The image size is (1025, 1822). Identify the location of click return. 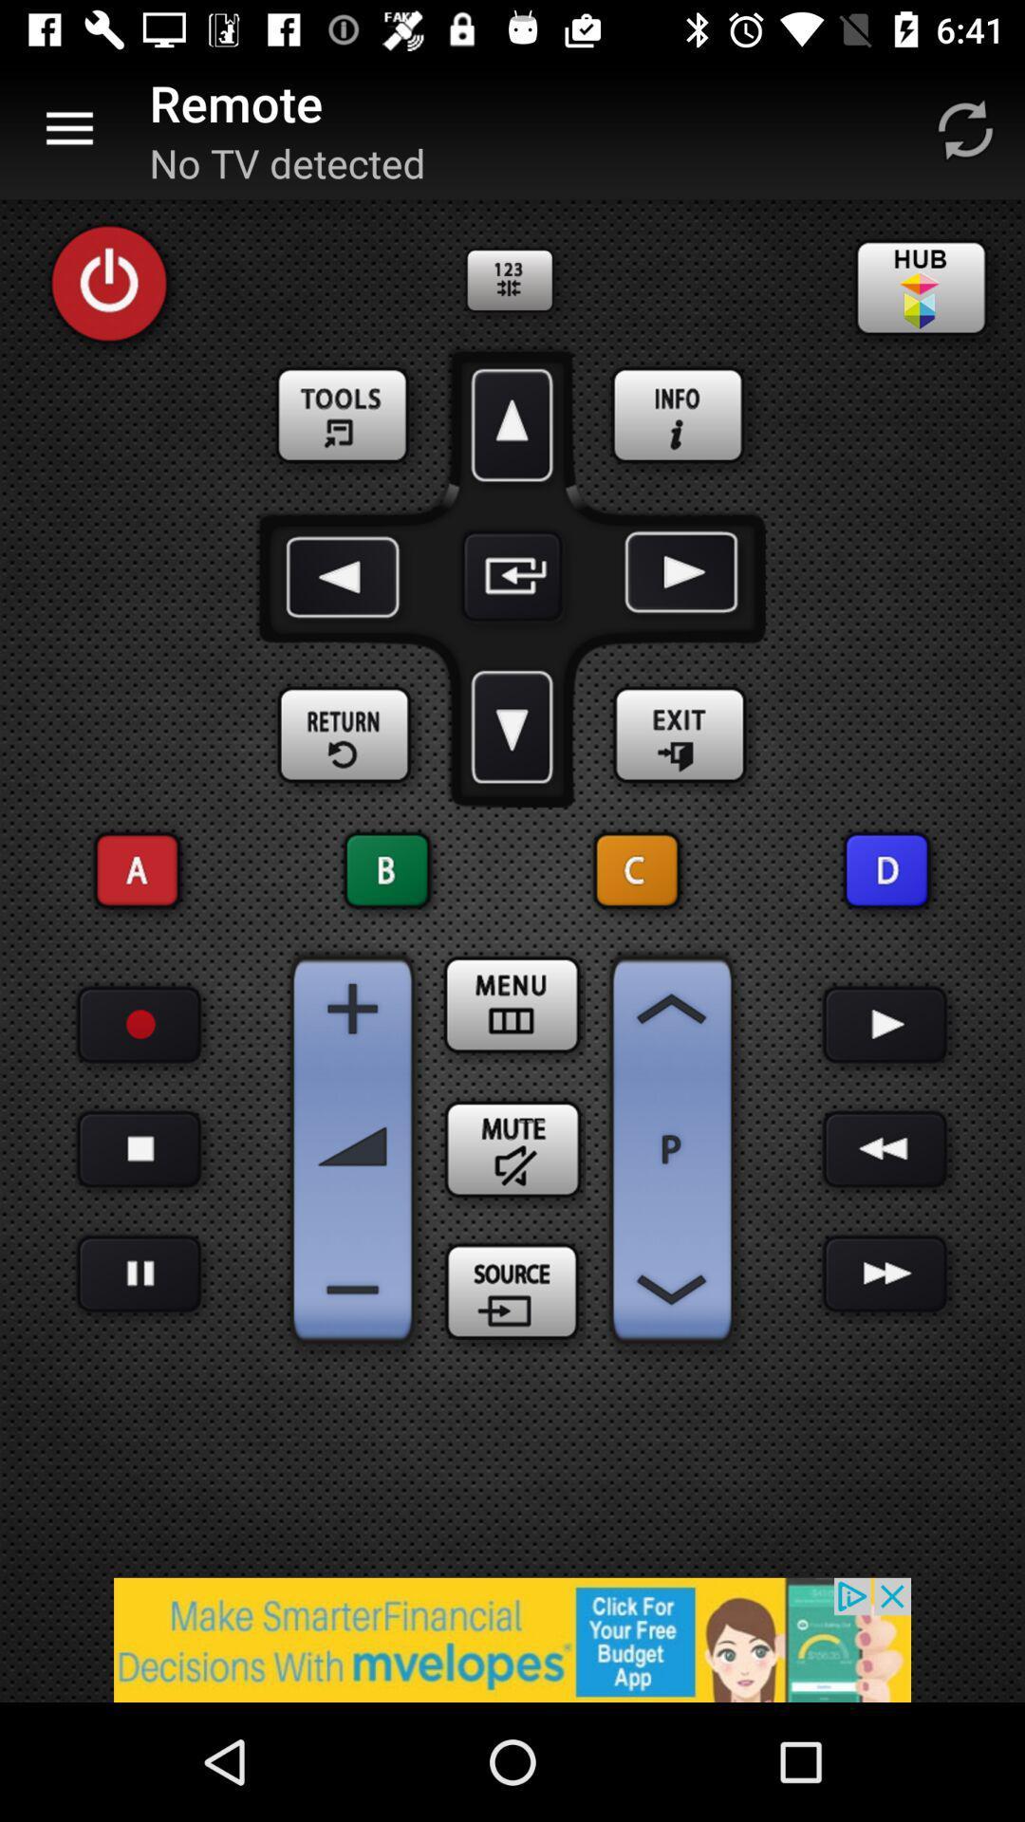
(345, 734).